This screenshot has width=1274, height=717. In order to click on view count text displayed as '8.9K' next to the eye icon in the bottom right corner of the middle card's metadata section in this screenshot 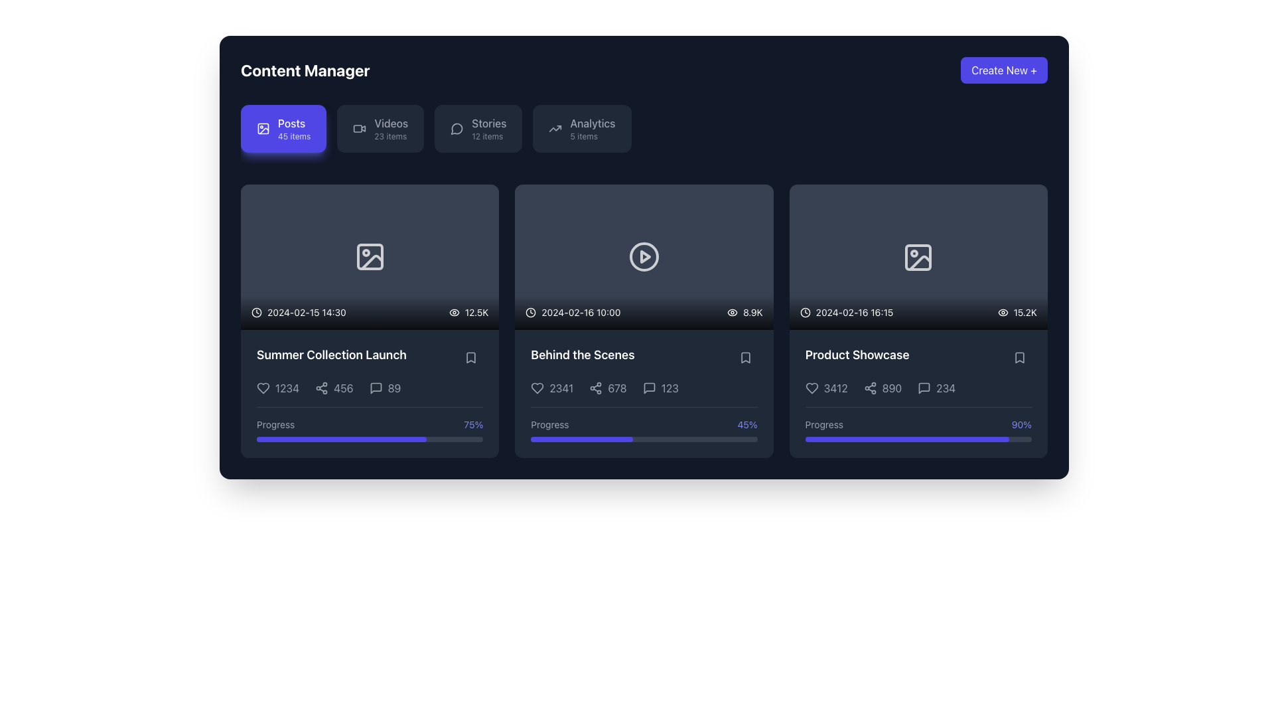, I will do `click(744, 312)`.